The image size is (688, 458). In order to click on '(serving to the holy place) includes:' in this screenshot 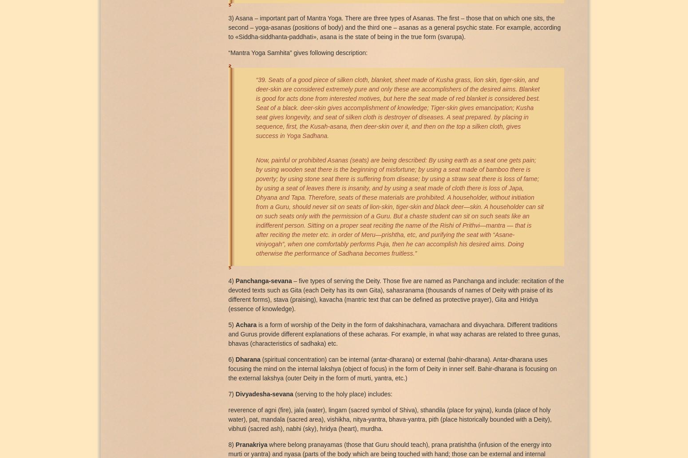, I will do `click(343, 394)`.